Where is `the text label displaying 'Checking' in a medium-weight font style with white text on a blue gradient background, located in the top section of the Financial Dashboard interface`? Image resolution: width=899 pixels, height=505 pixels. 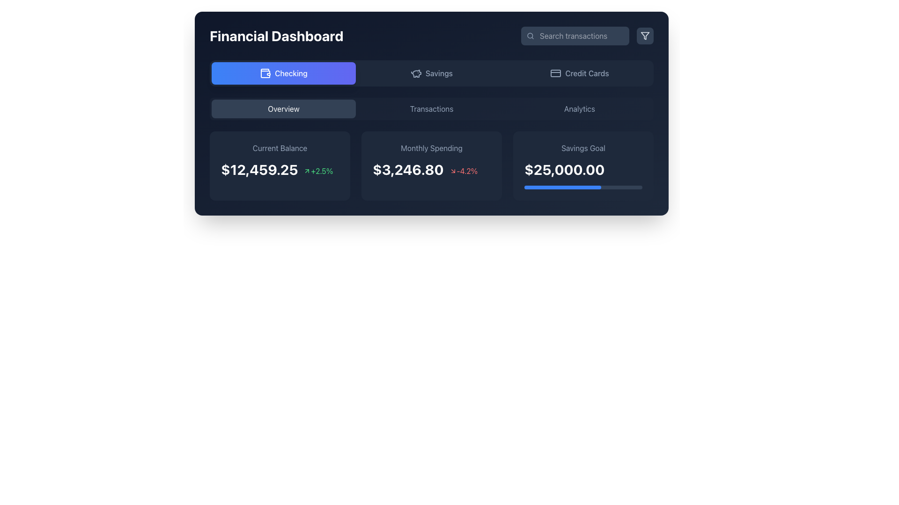 the text label displaying 'Checking' in a medium-weight font style with white text on a blue gradient background, located in the top section of the Financial Dashboard interface is located at coordinates (291, 73).